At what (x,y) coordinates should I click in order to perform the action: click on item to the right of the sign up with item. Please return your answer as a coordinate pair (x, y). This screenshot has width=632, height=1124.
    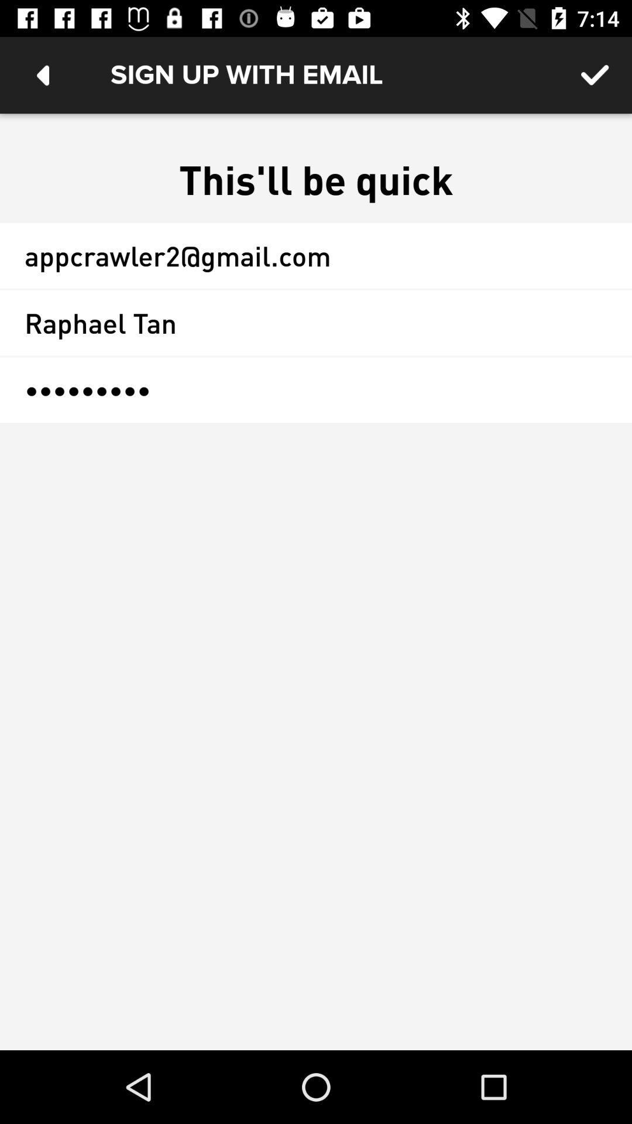
    Looking at the image, I should click on (595, 74).